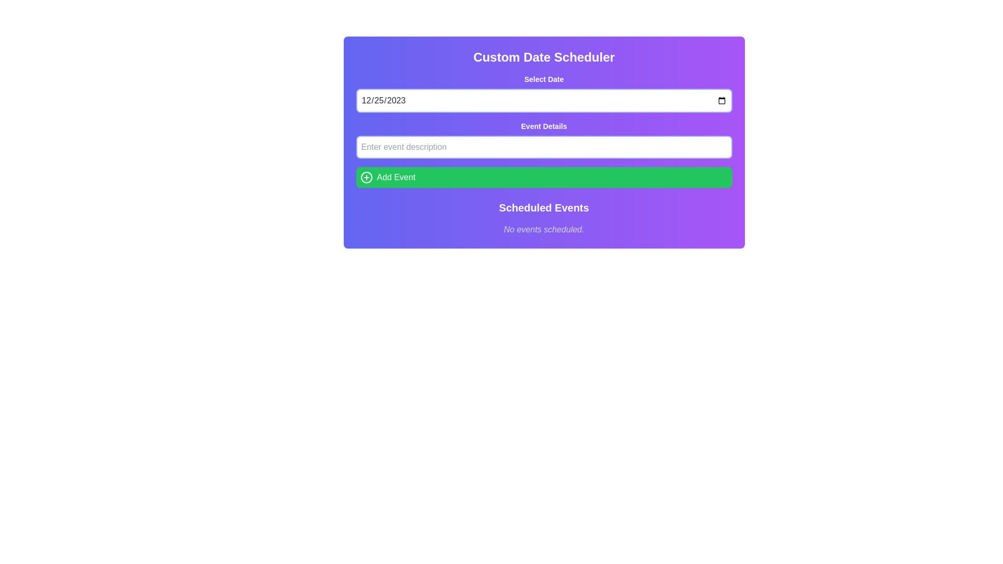 The image size is (1003, 564). I want to click on the 'Event Details' text label, which is a bold, centrally aligned label with white font color on a purple gradient background, so click(543, 126).